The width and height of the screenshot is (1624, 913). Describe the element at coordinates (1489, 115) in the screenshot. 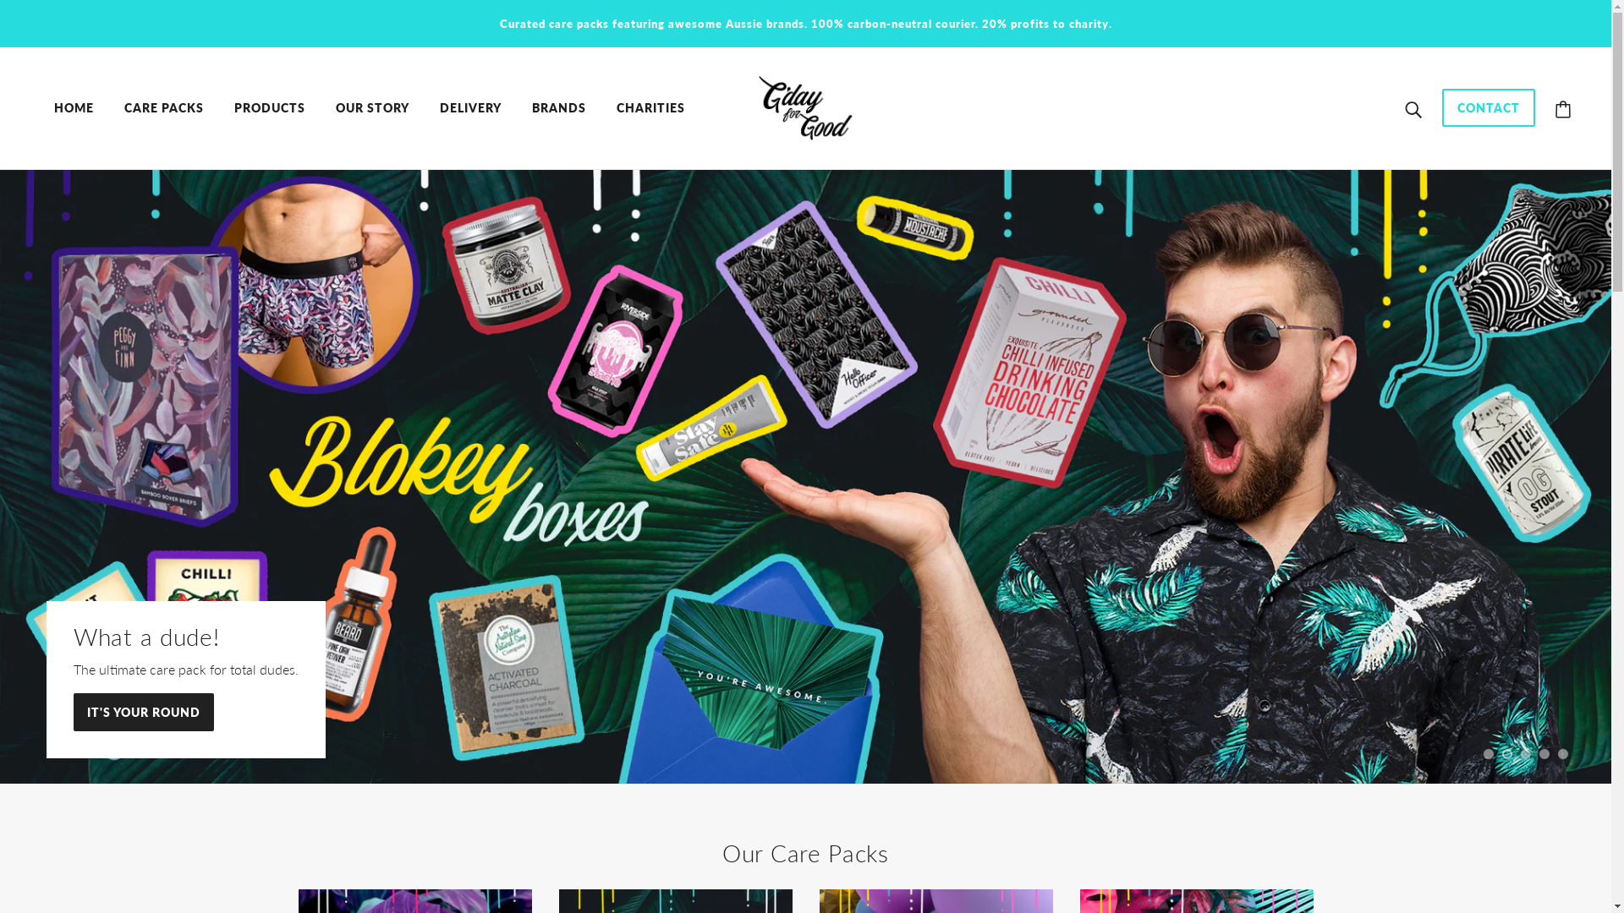

I see `'CONTACT'` at that location.